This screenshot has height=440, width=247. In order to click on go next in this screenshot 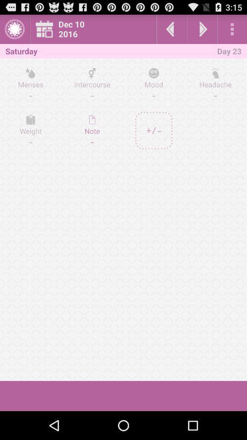, I will do `click(202, 29)`.